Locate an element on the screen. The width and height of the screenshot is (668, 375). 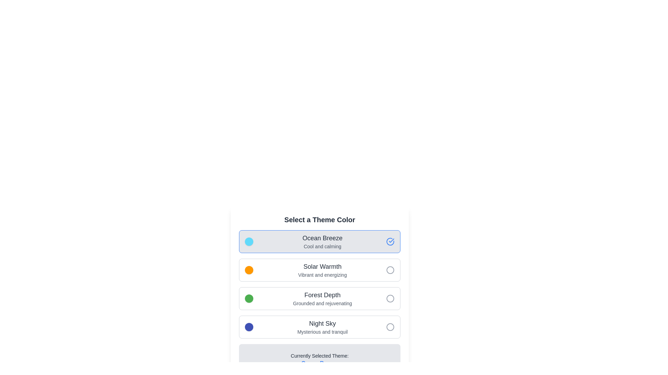
the Text display block containing the title 'Solar Warmth' and subtitle 'Vibrant and energizing', which is located in the second card of selectable theme options, positioned between 'Ocean Breeze' and 'Forest Depth' is located at coordinates (322, 270).